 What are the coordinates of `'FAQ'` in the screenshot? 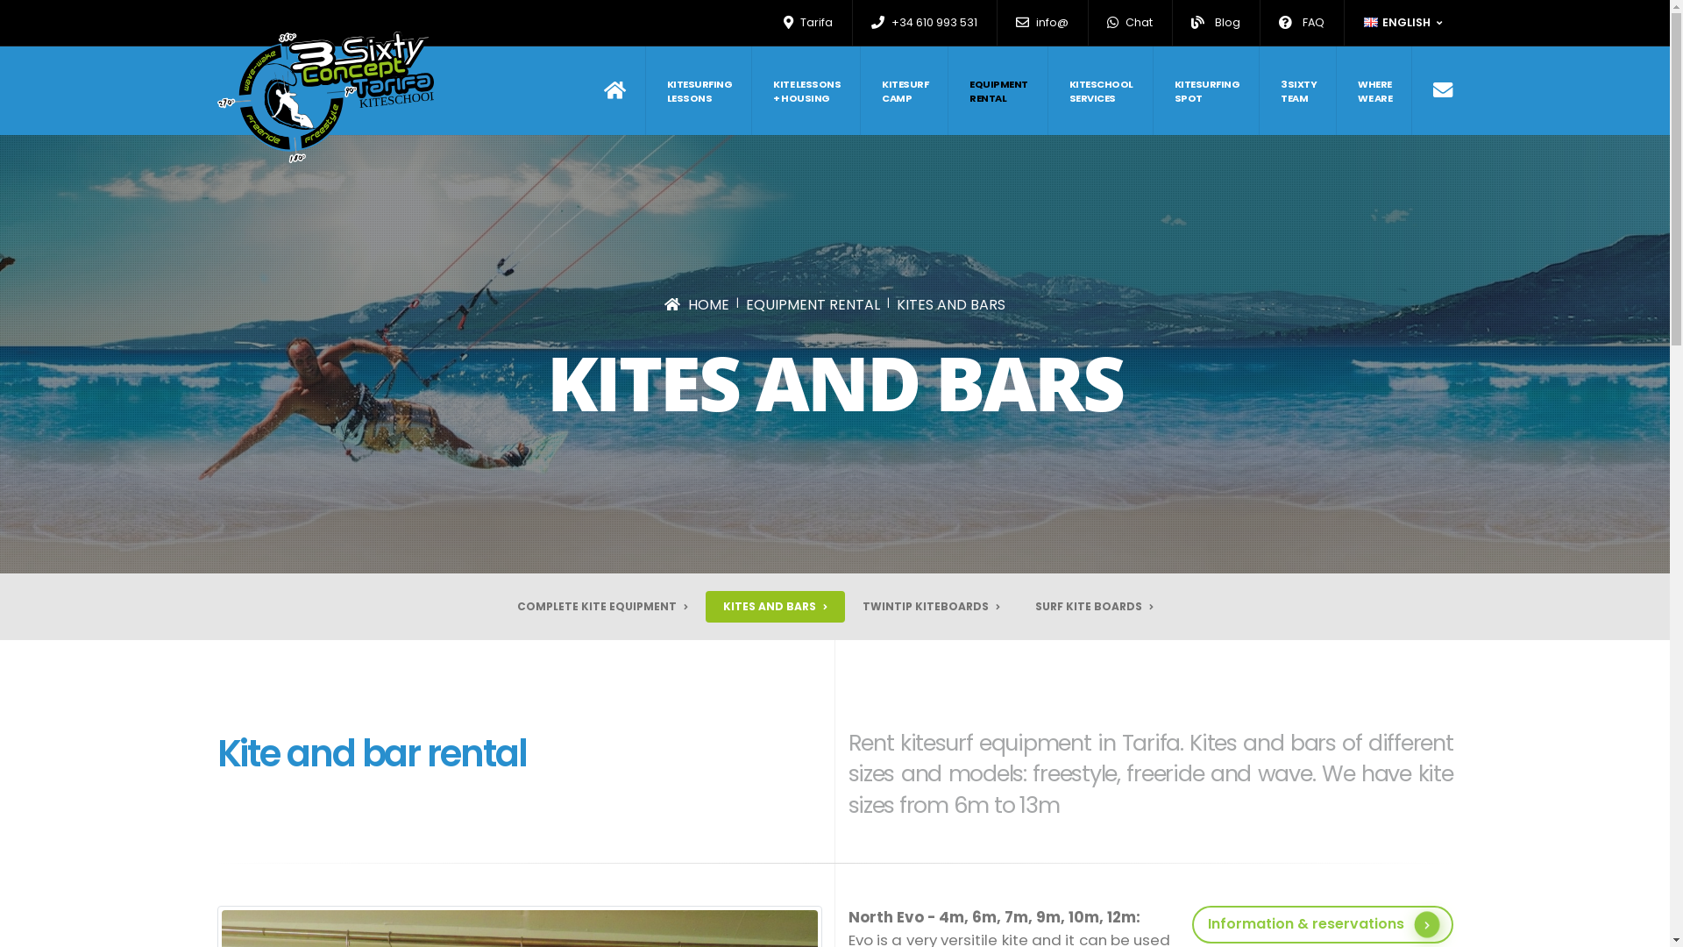 It's located at (1270, 23).